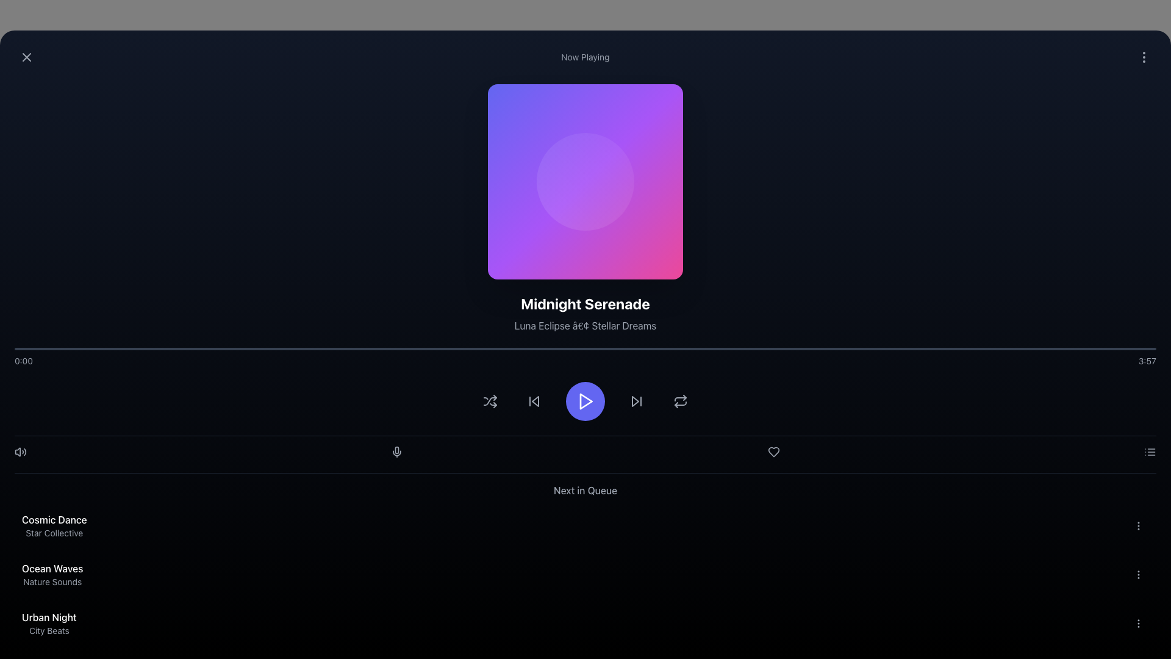 This screenshot has width=1171, height=659. What do you see at coordinates (54, 533) in the screenshot?
I see `the 'Star Collective' static text label, which is styled in a smaller font size and colored in a lighter gray shade, located directly below the 'Cosmic Dance' text` at bounding box center [54, 533].